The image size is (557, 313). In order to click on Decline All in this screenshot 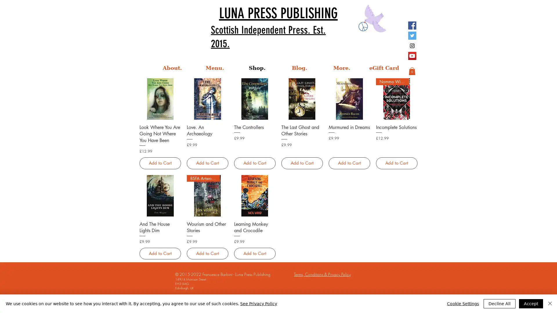, I will do `click(499, 303)`.